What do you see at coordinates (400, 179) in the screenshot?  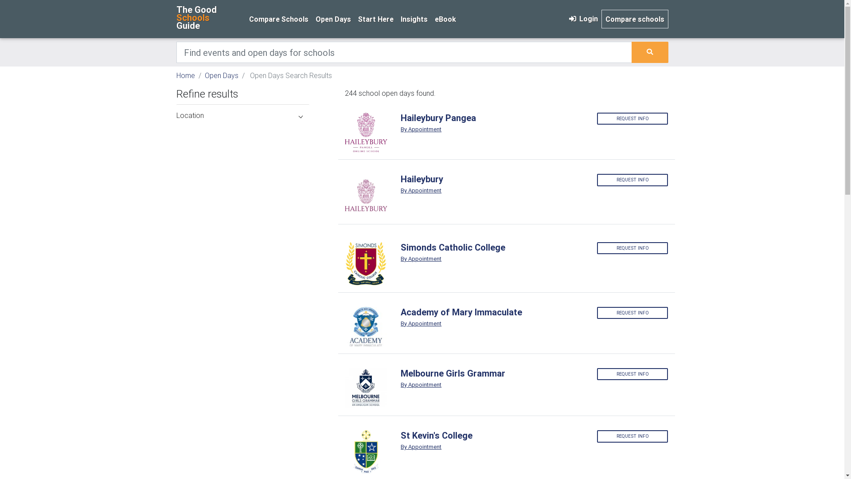 I see `'Haileybury'` at bounding box center [400, 179].